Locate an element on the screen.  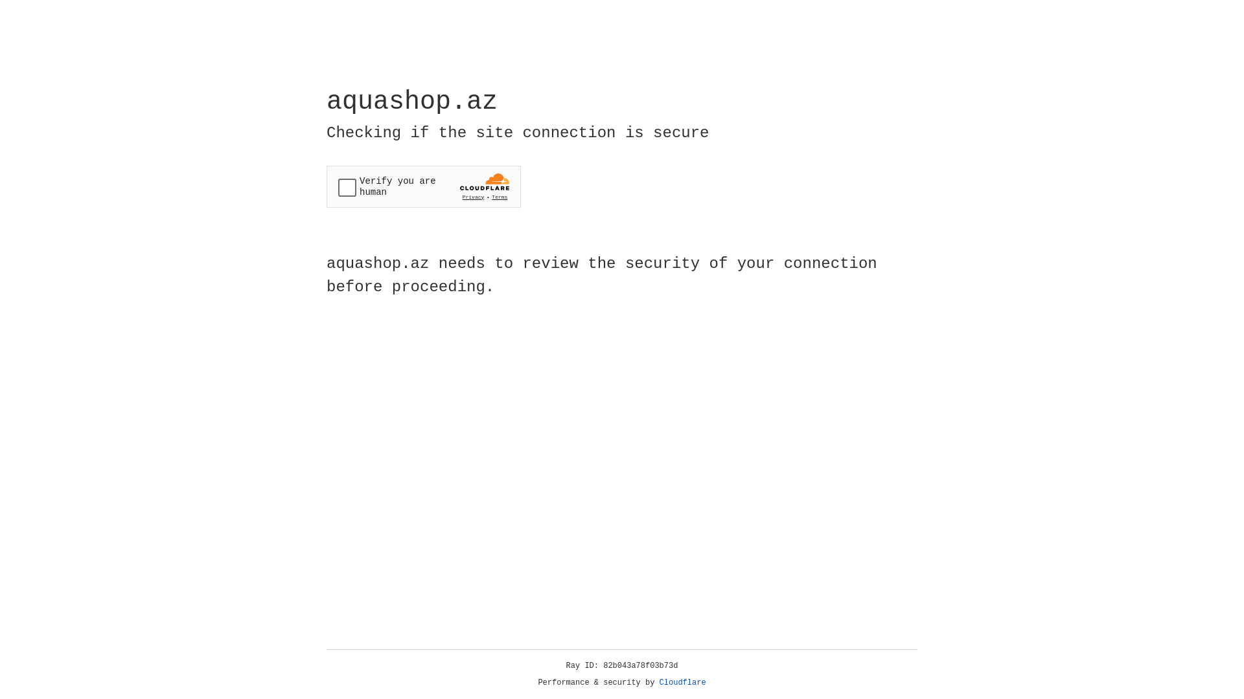
'Cloudflare' is located at coordinates (682, 682).